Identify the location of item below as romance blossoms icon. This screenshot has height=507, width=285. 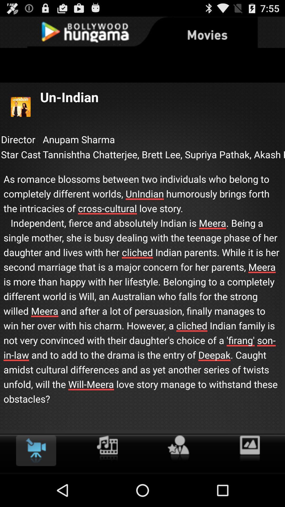
(178, 448).